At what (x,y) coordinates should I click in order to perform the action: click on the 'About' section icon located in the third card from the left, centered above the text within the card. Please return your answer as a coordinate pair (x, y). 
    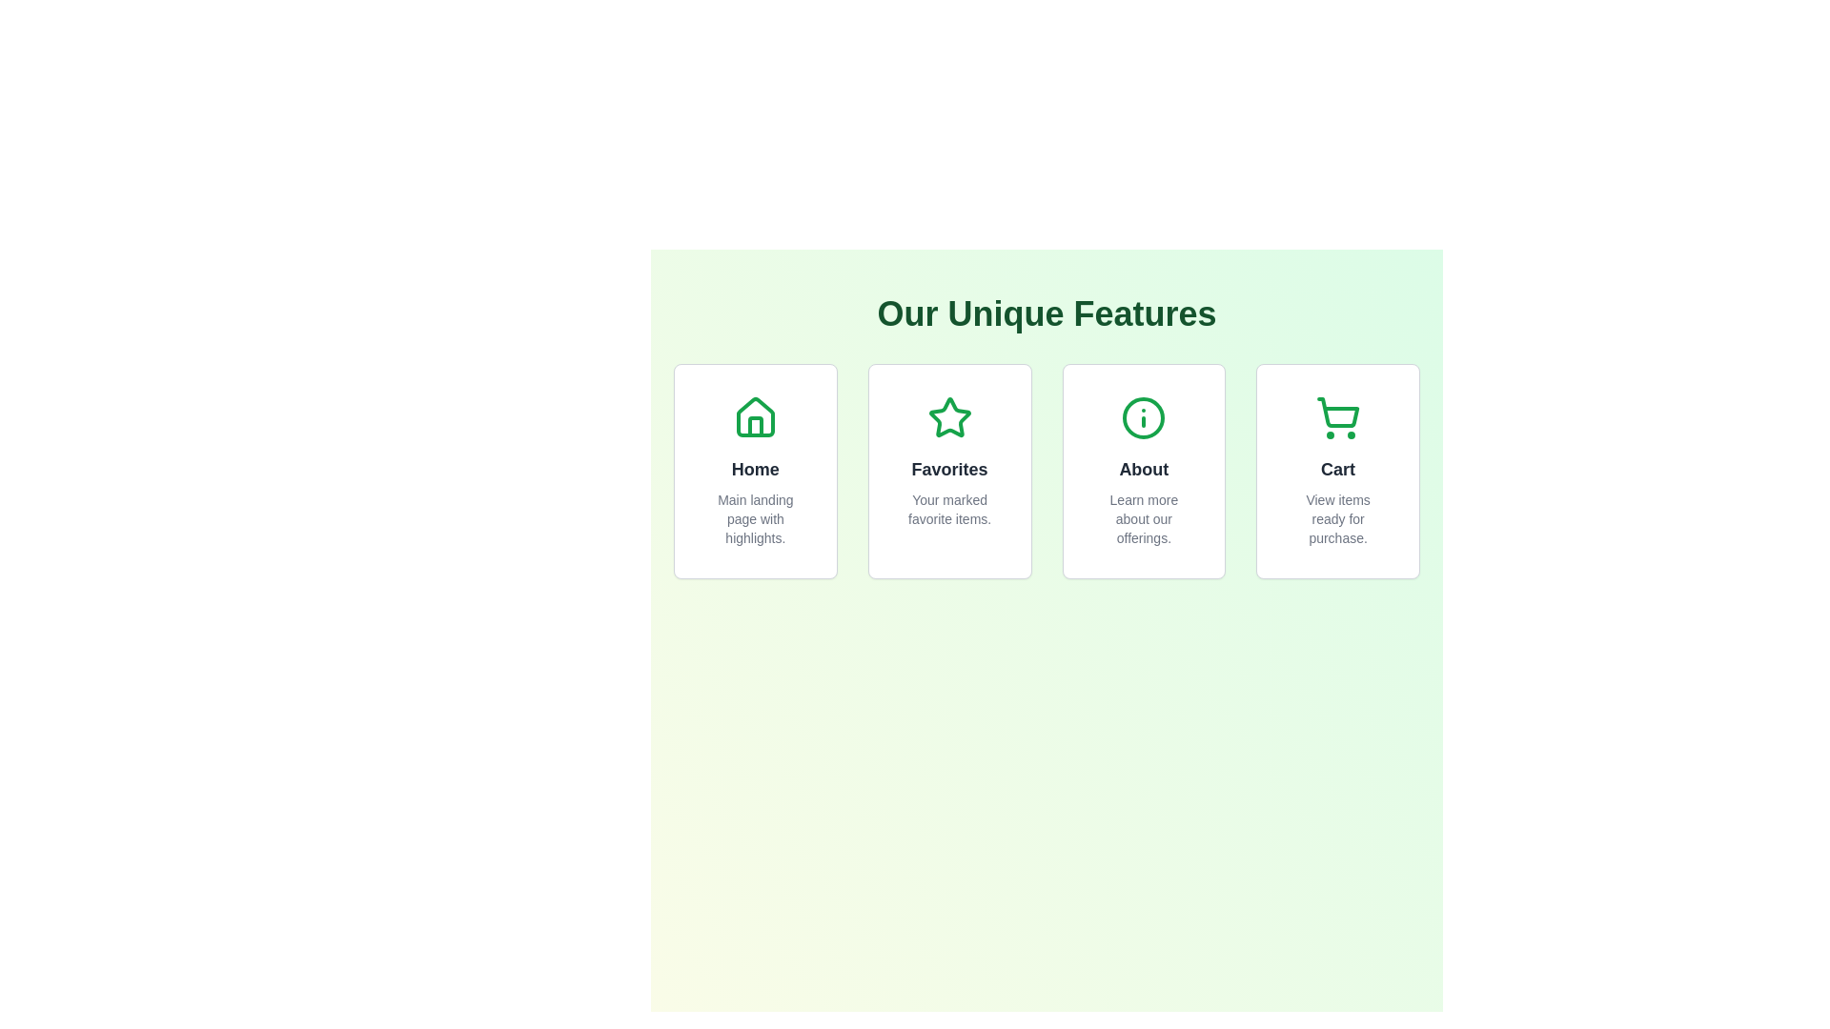
    Looking at the image, I should click on (1144, 417).